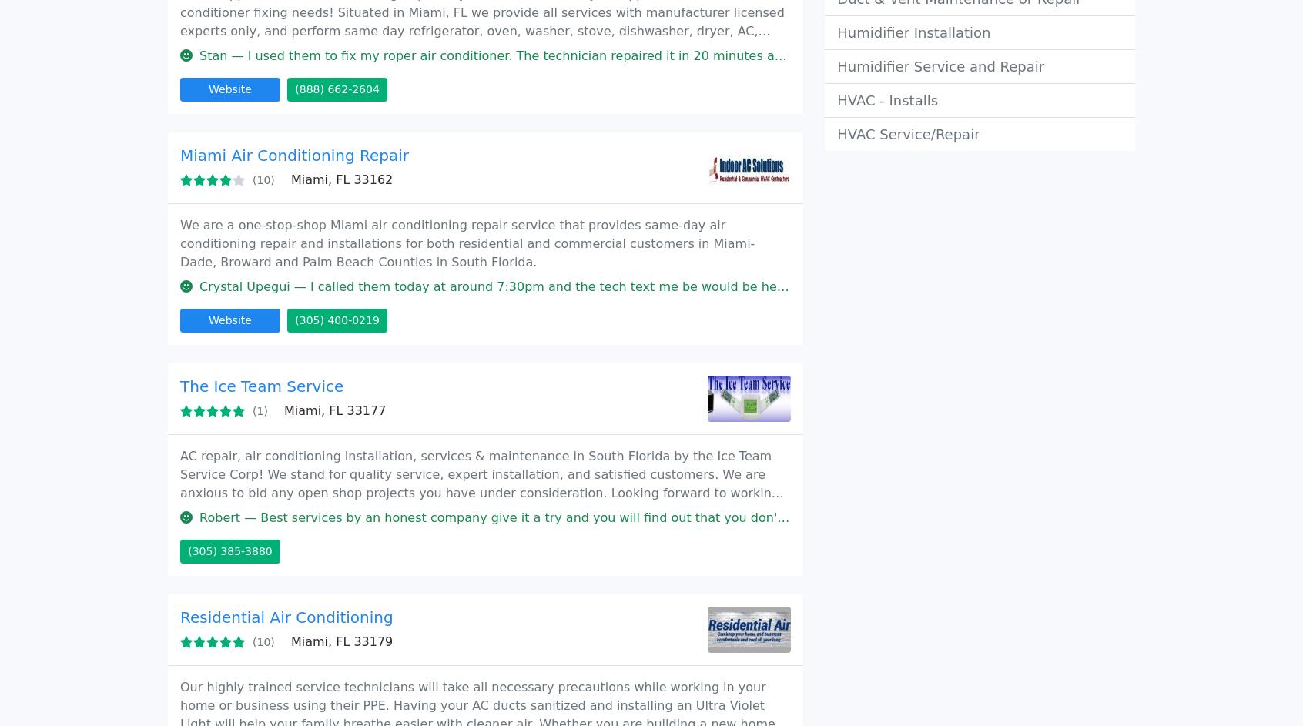 Image resolution: width=1303 pixels, height=726 pixels. I want to click on 'About us', so click(690, 76).